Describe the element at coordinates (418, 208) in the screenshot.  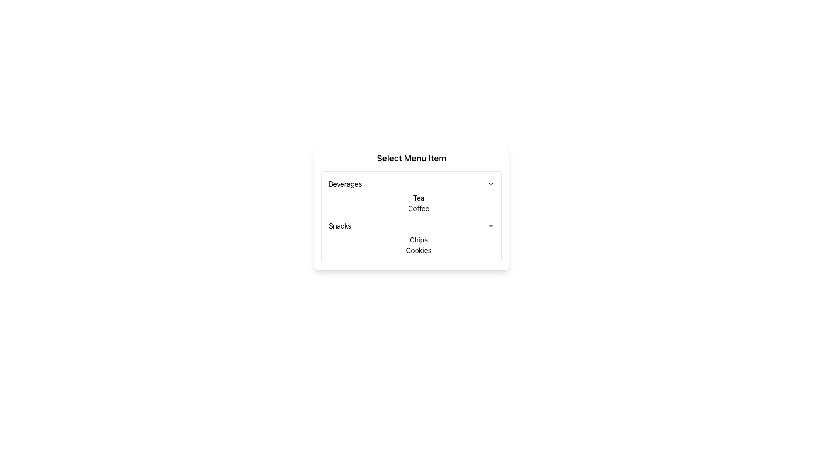
I see `the 'Coffee' label, which is a text label styled in sans-serif font, located under the 'Tea' label in the 'Beverages' section of the dropdown menu titled 'Select Menu Item'` at that location.